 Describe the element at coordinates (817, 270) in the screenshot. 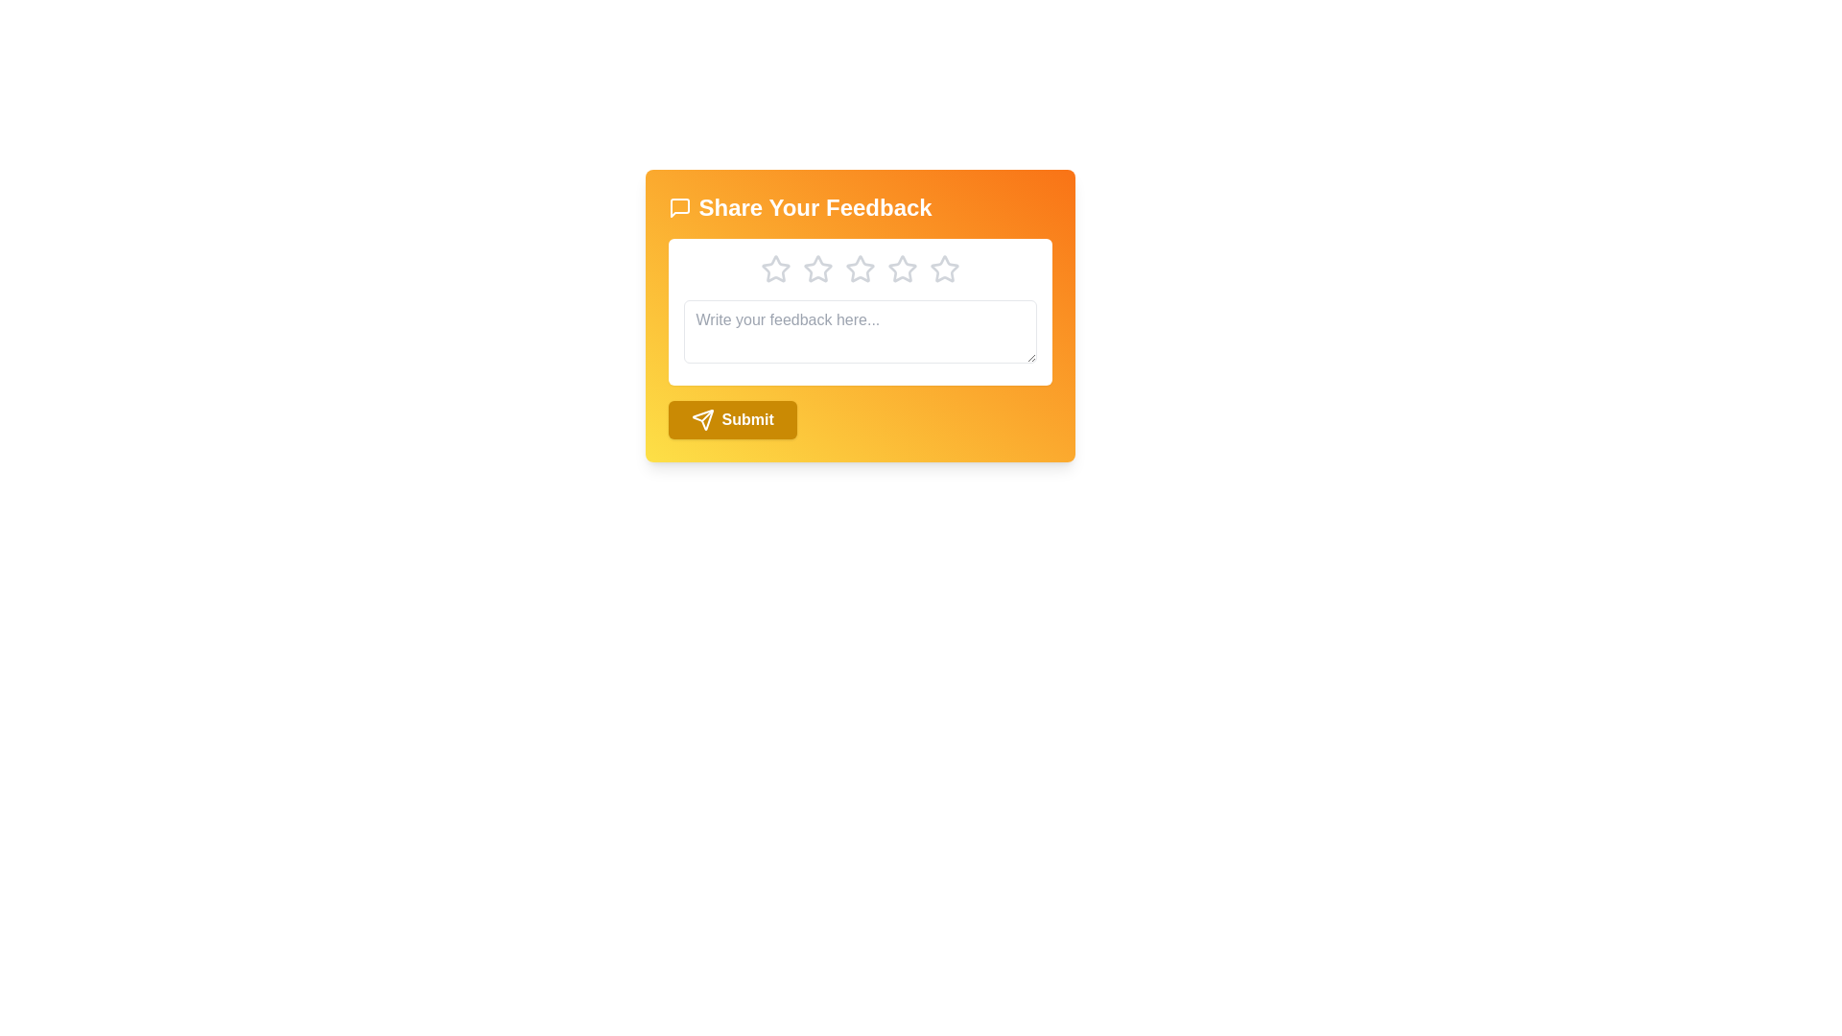

I see `the third star icon in the set of five star icons for rating, located below the 'Share Your Feedback' heading` at that location.